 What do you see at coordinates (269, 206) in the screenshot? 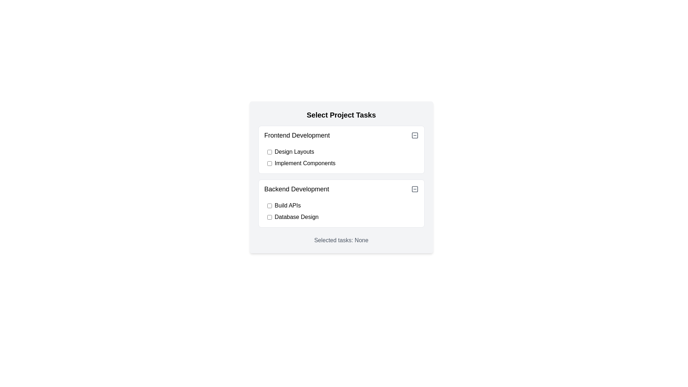
I see `the checkbox` at bounding box center [269, 206].